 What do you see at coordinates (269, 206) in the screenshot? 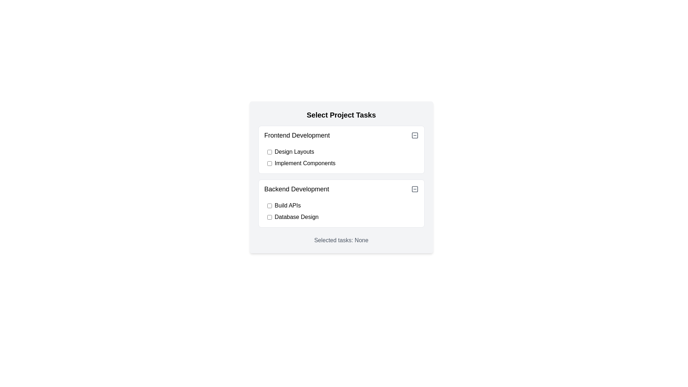
I see `the checkbox` at bounding box center [269, 206].